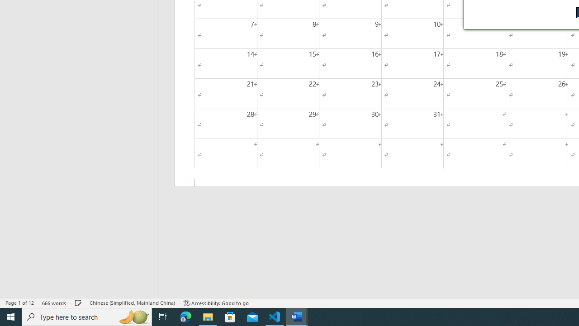  What do you see at coordinates (54, 303) in the screenshot?
I see `'Word Count 666 words'` at bounding box center [54, 303].